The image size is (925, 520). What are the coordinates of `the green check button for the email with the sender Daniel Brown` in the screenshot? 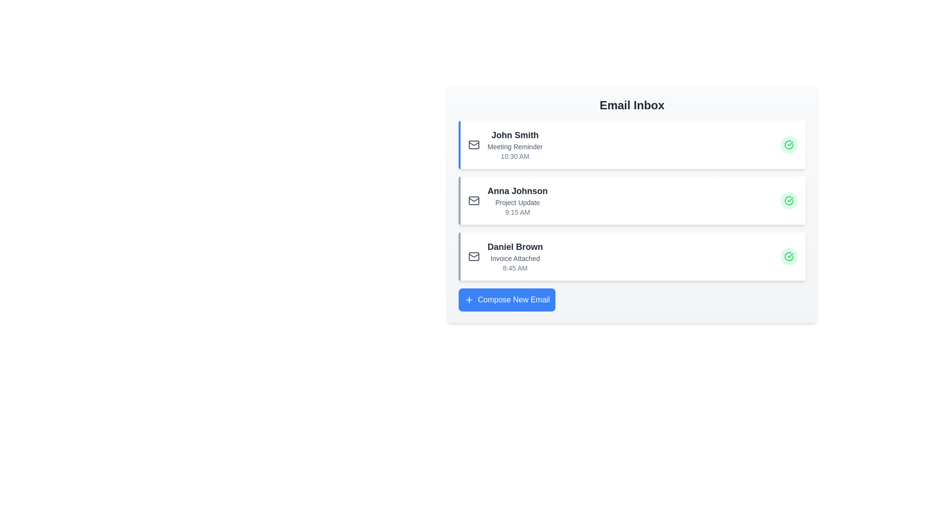 It's located at (789, 256).